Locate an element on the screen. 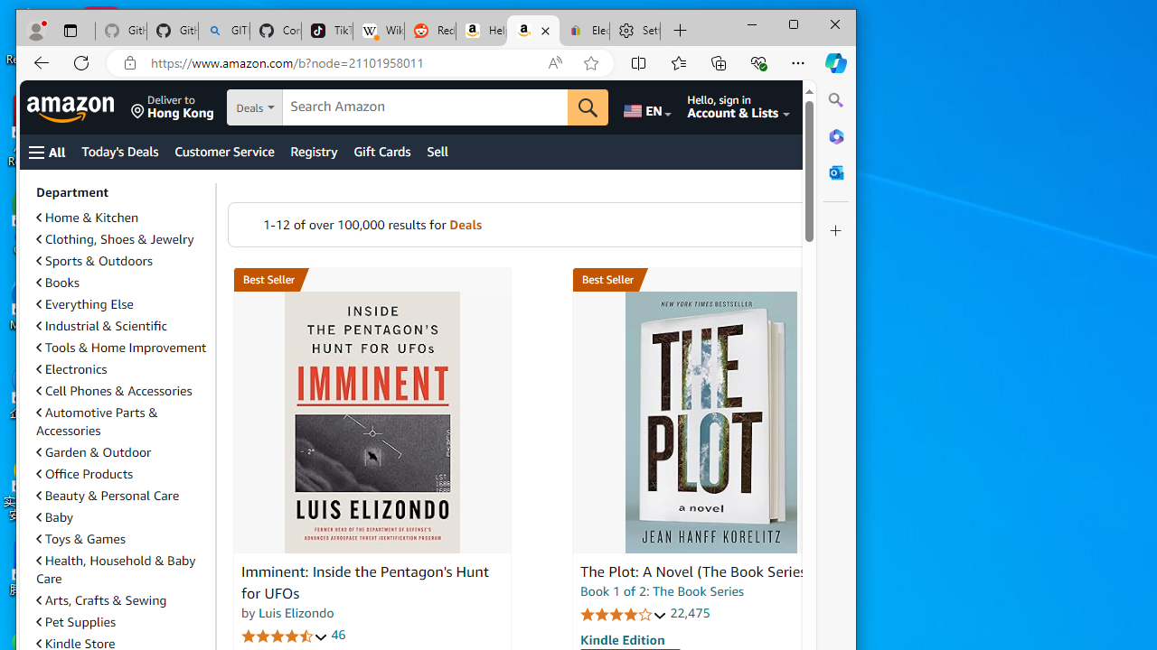  'Pet Supplies' is located at coordinates (74, 620).